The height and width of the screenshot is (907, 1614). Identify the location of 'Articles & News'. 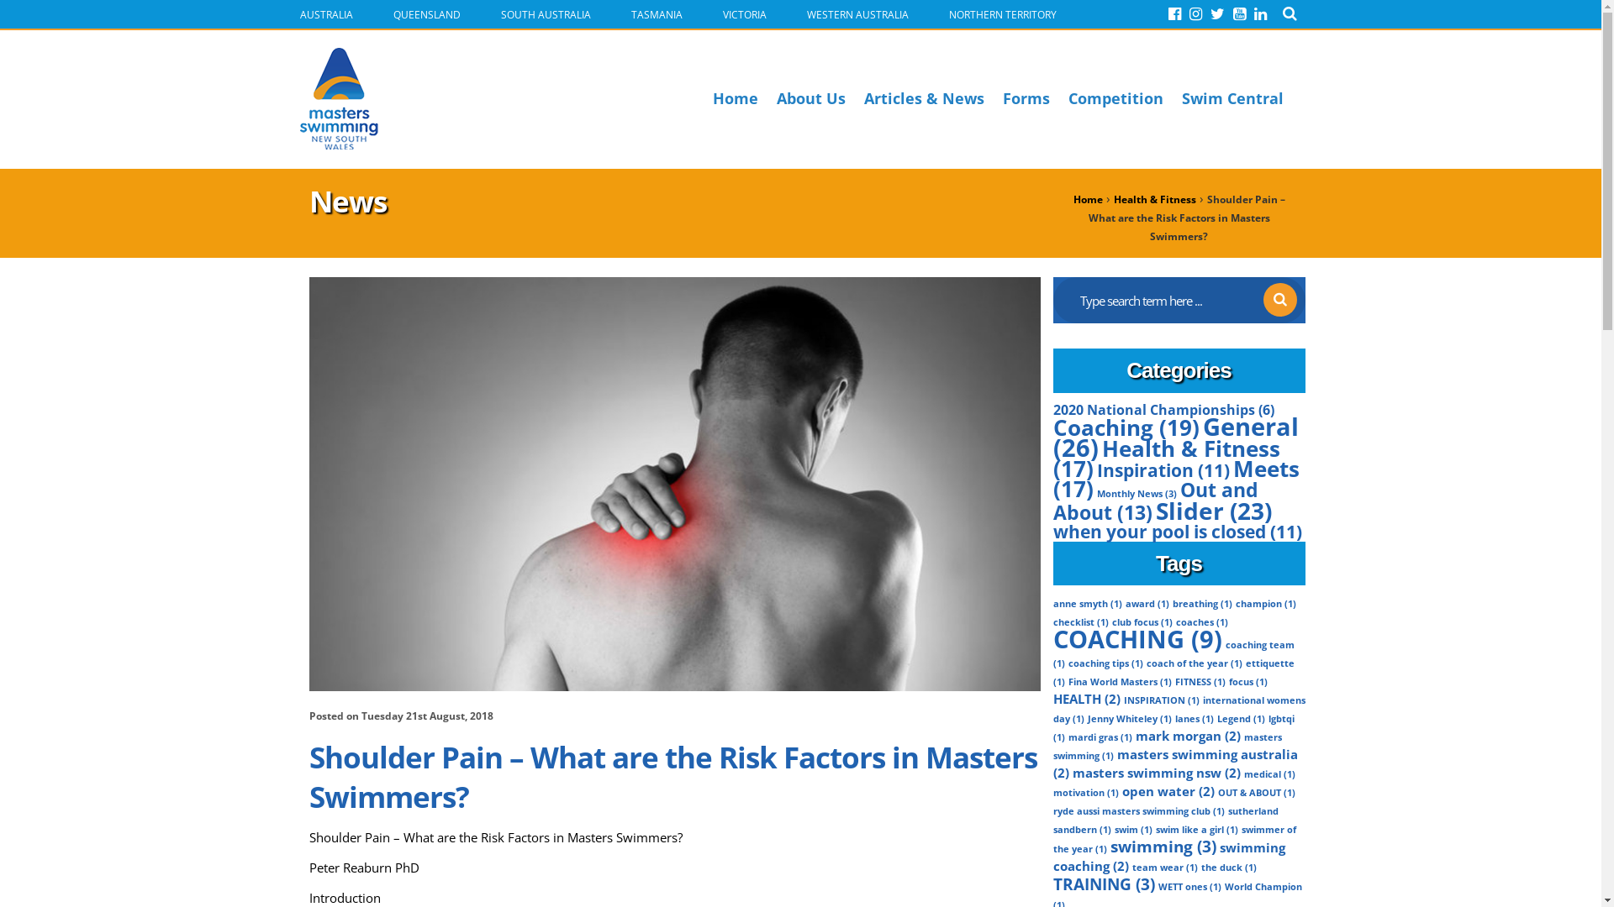
(923, 97).